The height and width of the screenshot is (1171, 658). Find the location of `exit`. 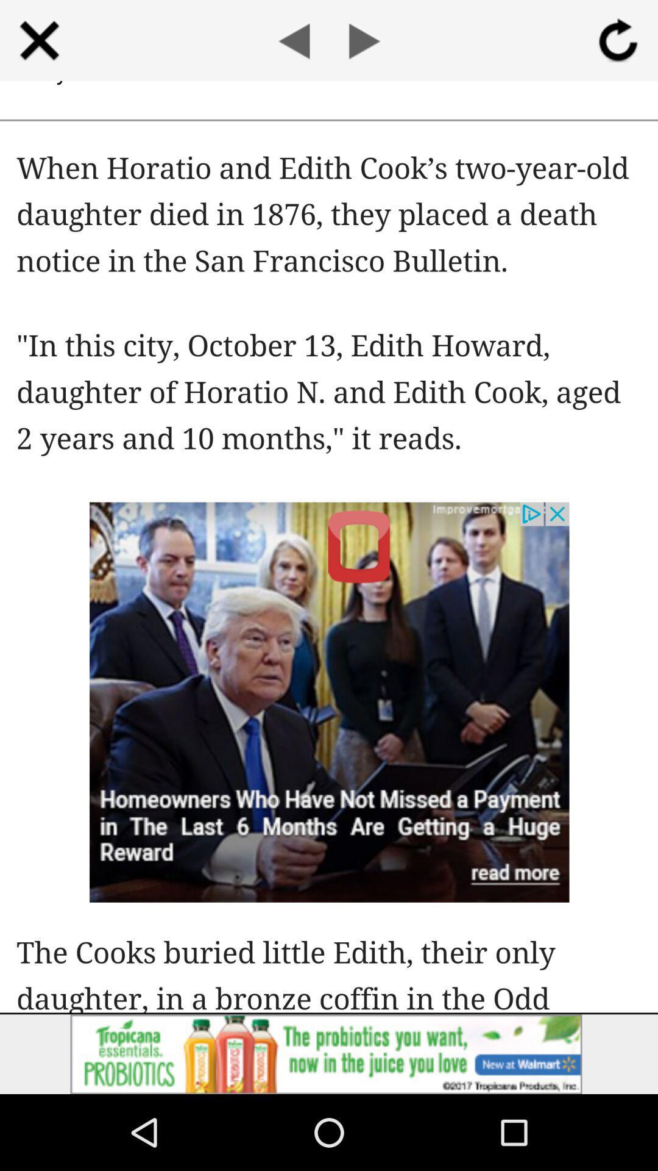

exit is located at coordinates (38, 40).